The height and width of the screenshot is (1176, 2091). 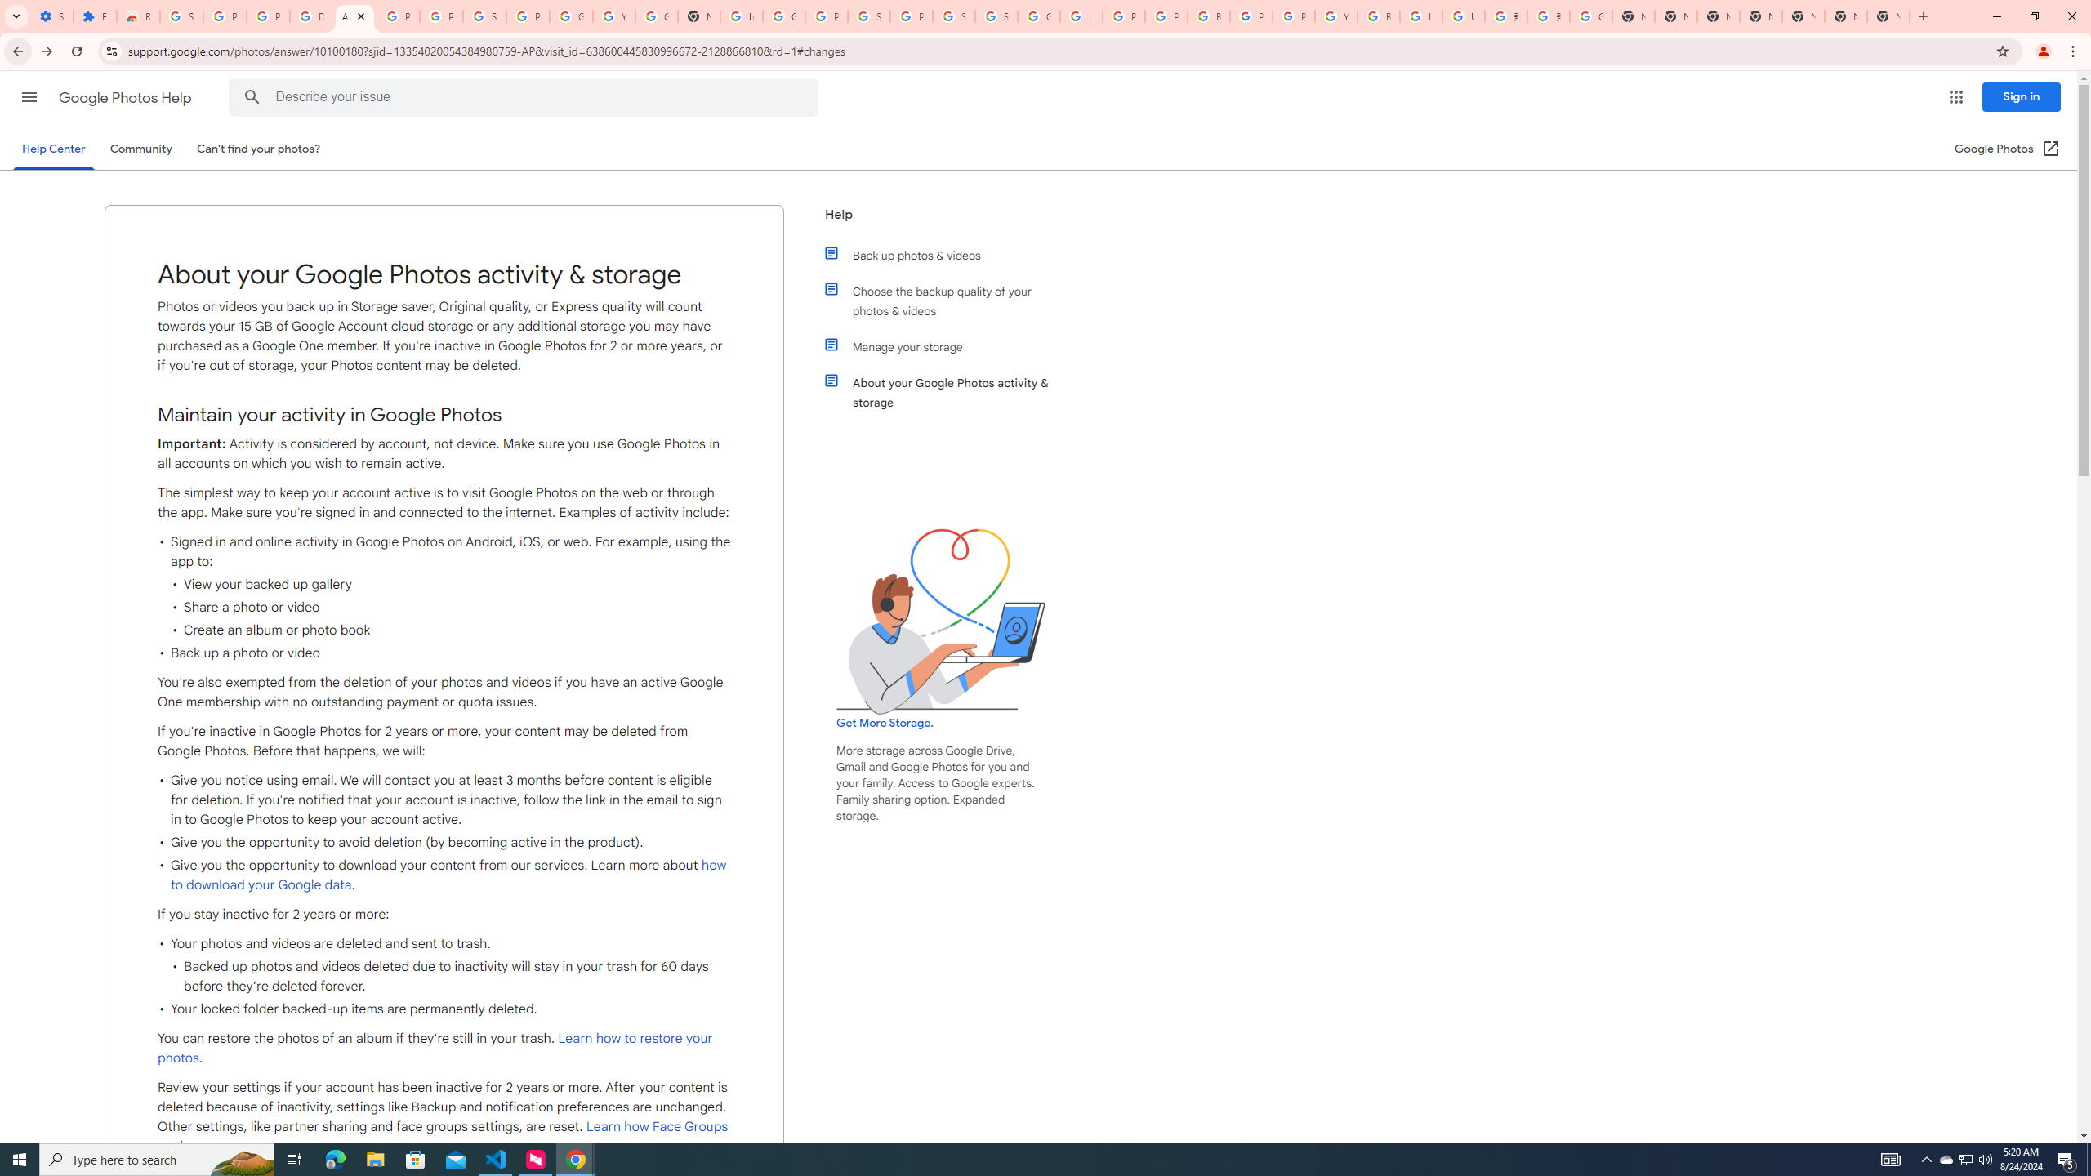 What do you see at coordinates (613, 16) in the screenshot?
I see `'YouTube'` at bounding box center [613, 16].